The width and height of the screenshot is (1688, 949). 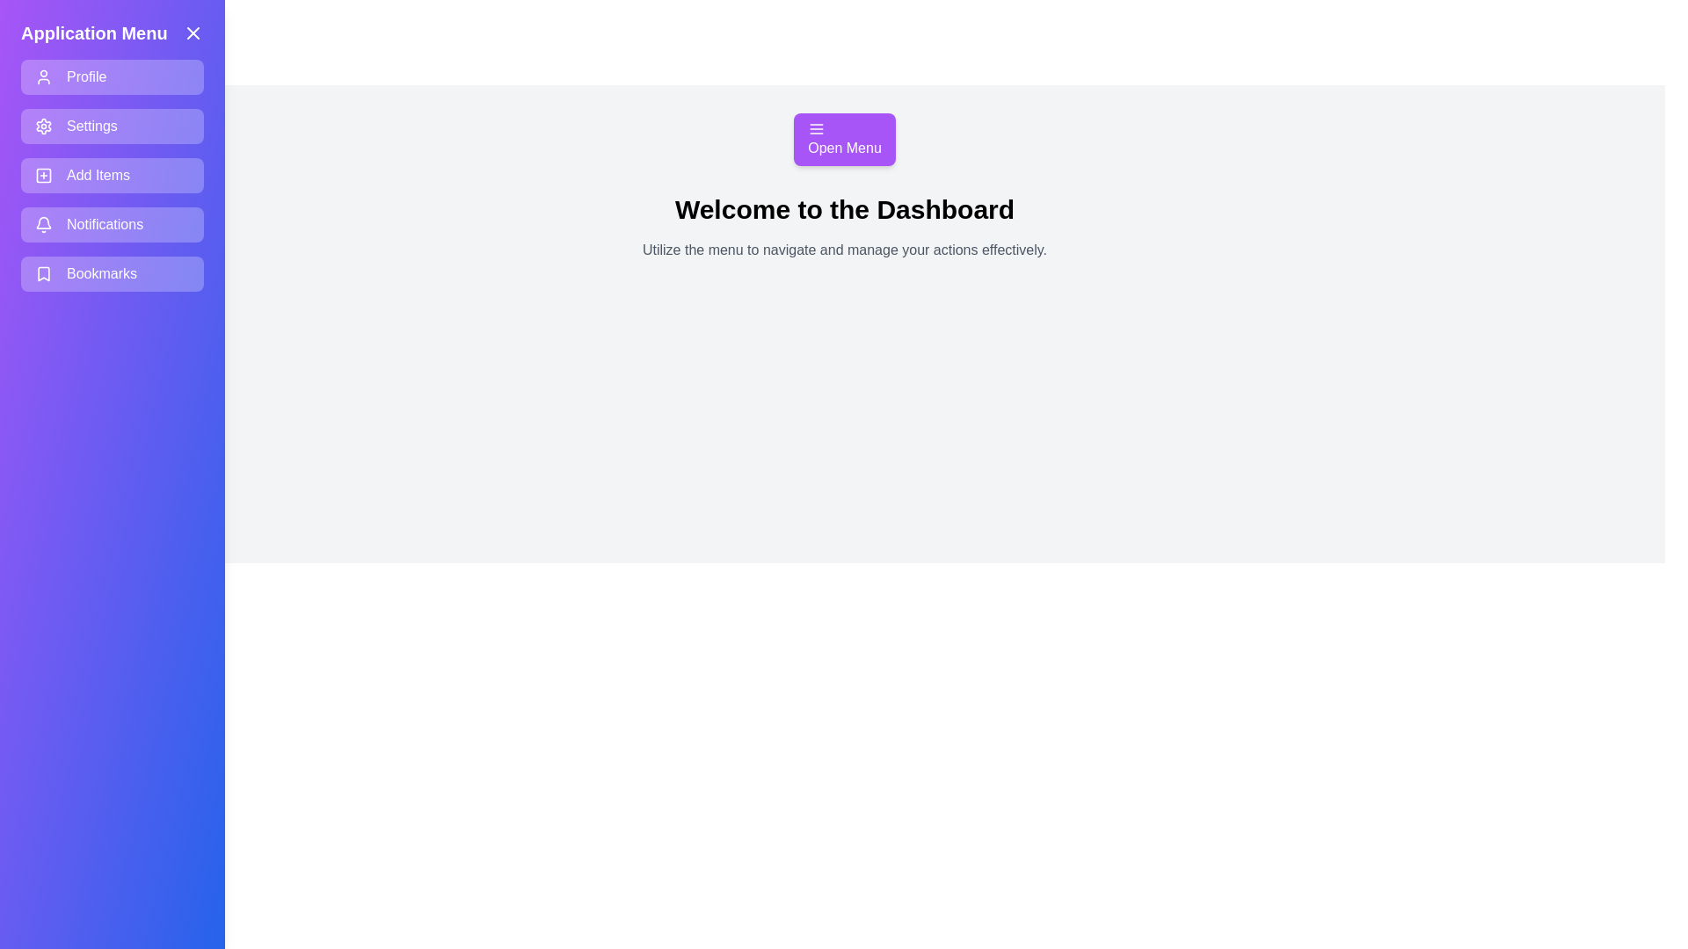 What do you see at coordinates (112, 76) in the screenshot?
I see `the menu item Profile to navigate to its respective section` at bounding box center [112, 76].